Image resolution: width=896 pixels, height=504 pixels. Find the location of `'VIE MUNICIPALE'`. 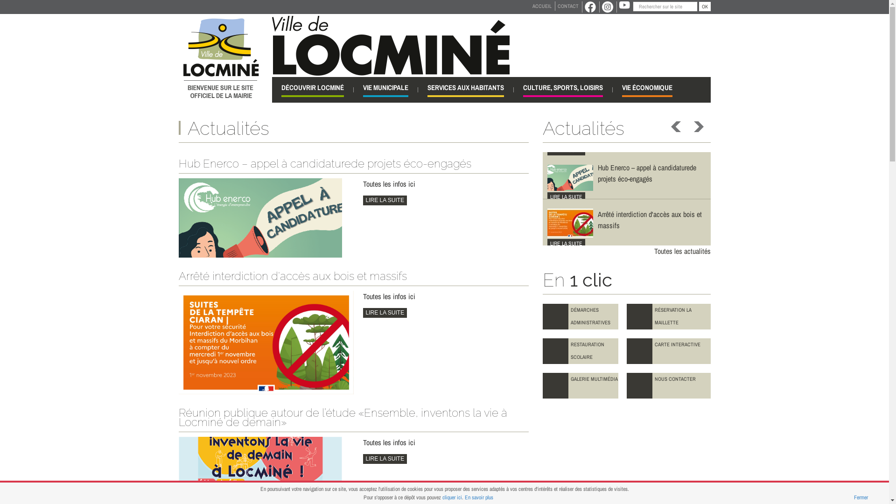

'VIE MUNICIPALE' is located at coordinates (385, 90).